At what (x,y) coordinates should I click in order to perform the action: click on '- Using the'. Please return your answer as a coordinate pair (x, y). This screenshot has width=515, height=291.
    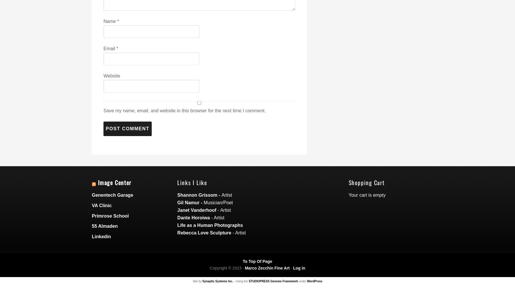
    Looking at the image, I should click on (241, 281).